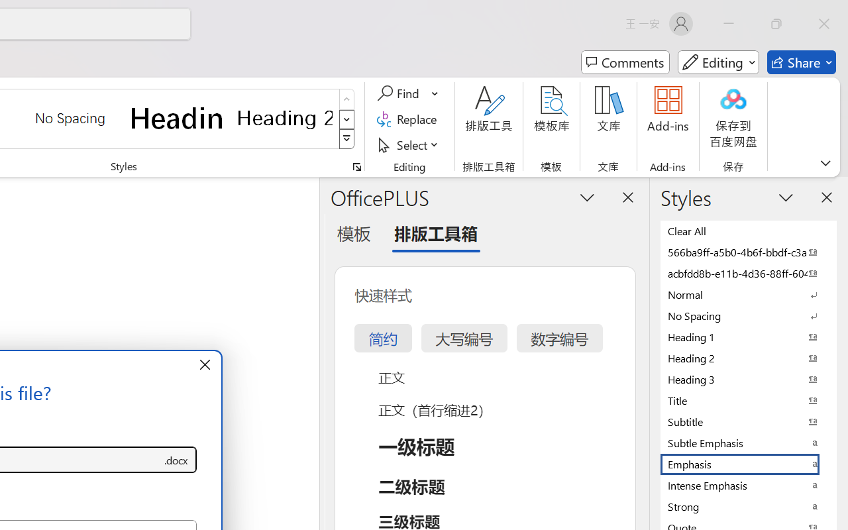 This screenshot has width=848, height=530. What do you see at coordinates (801, 62) in the screenshot?
I see `'Share'` at bounding box center [801, 62].